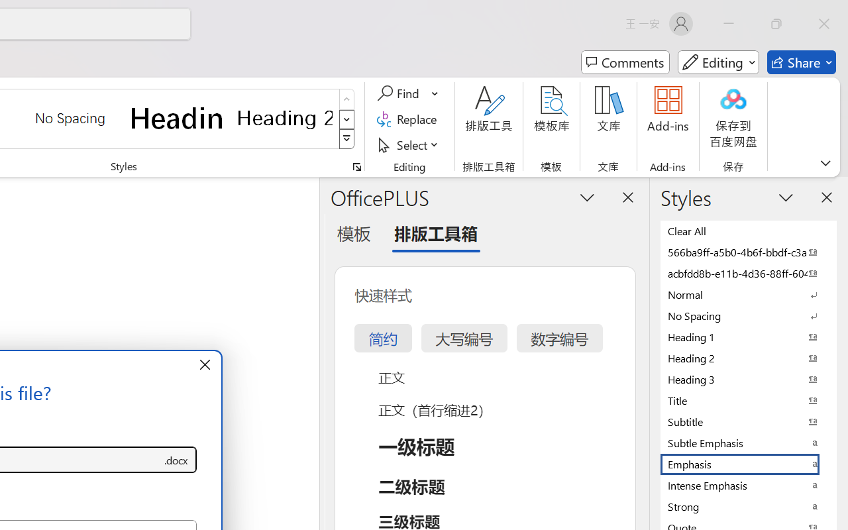 This screenshot has width=848, height=530. What do you see at coordinates (801, 62) in the screenshot?
I see `'Share'` at bounding box center [801, 62].